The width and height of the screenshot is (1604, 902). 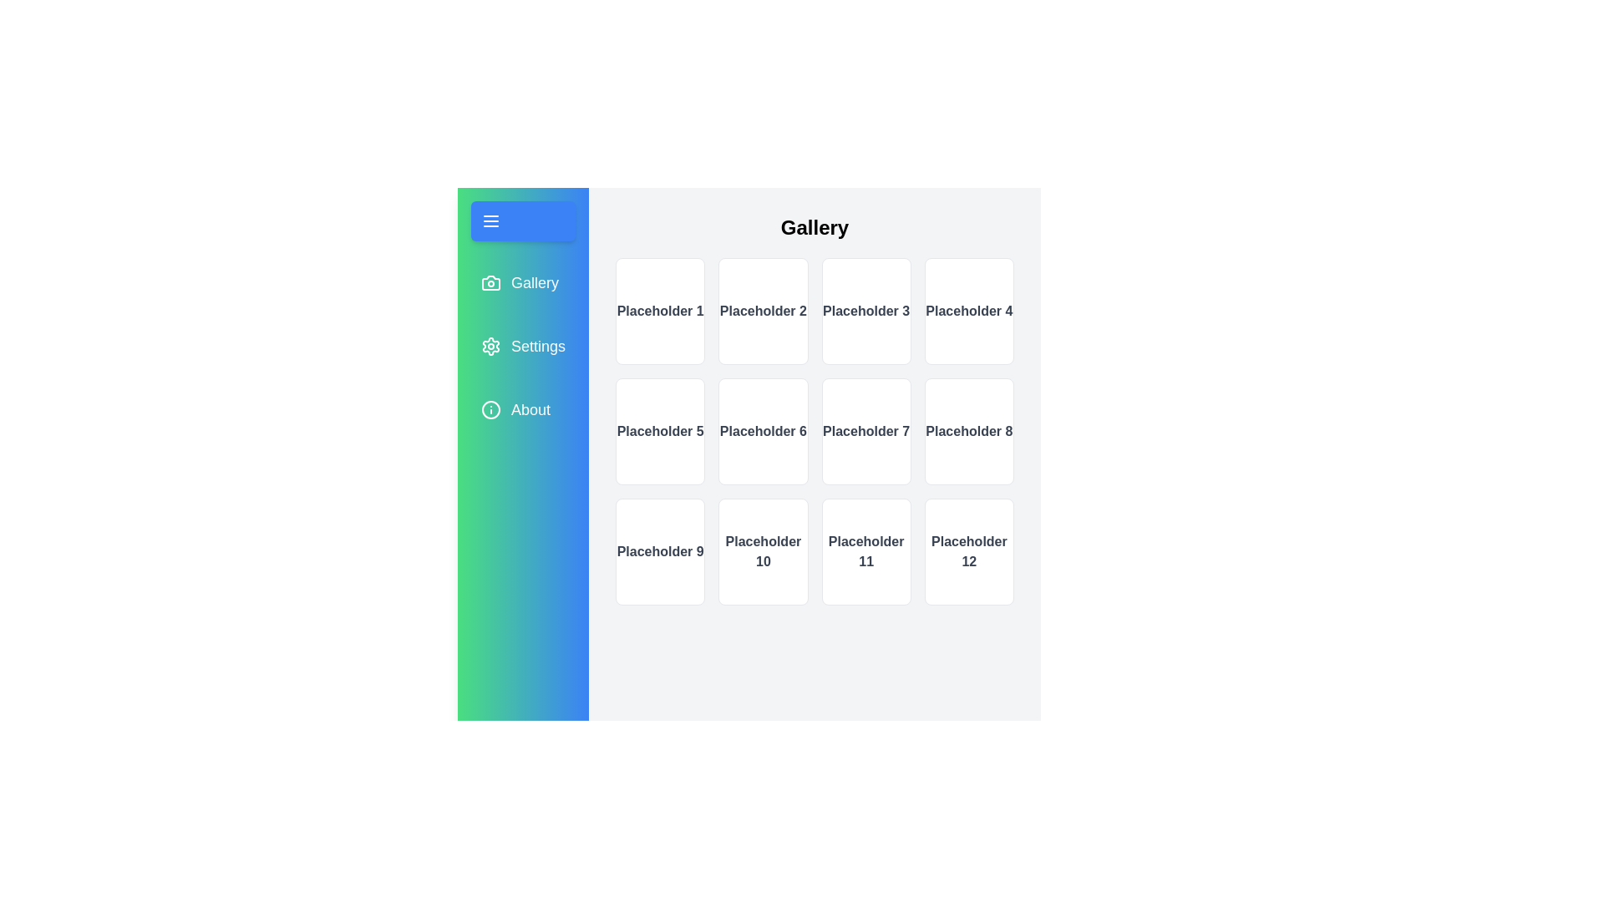 What do you see at coordinates (521, 409) in the screenshot?
I see `the About tab from the sidebar menu` at bounding box center [521, 409].